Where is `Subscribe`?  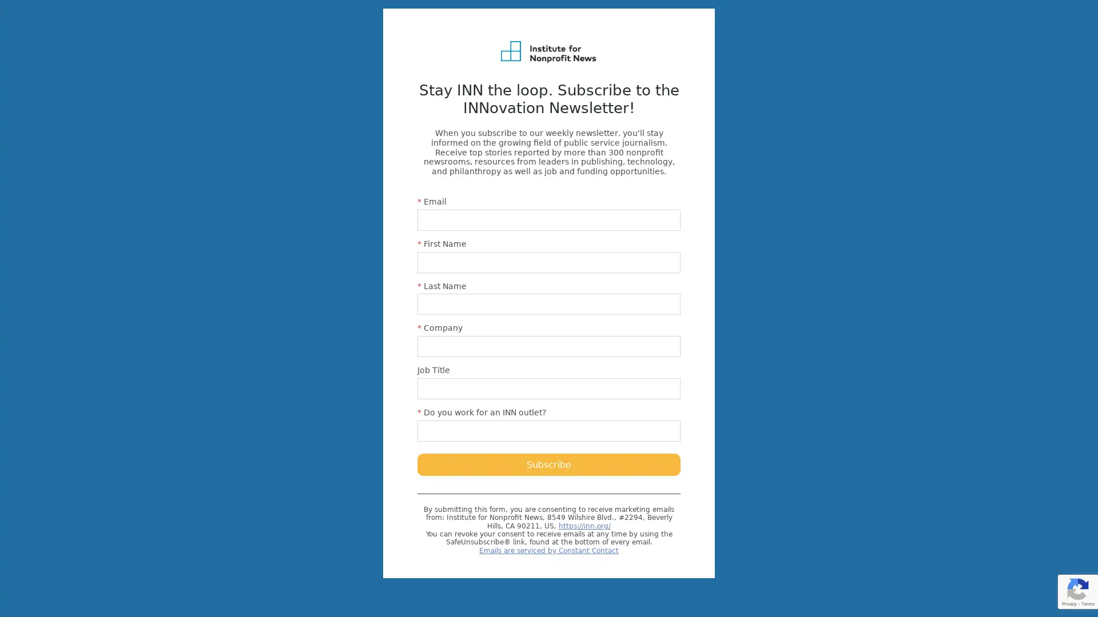 Subscribe is located at coordinates (549, 464).